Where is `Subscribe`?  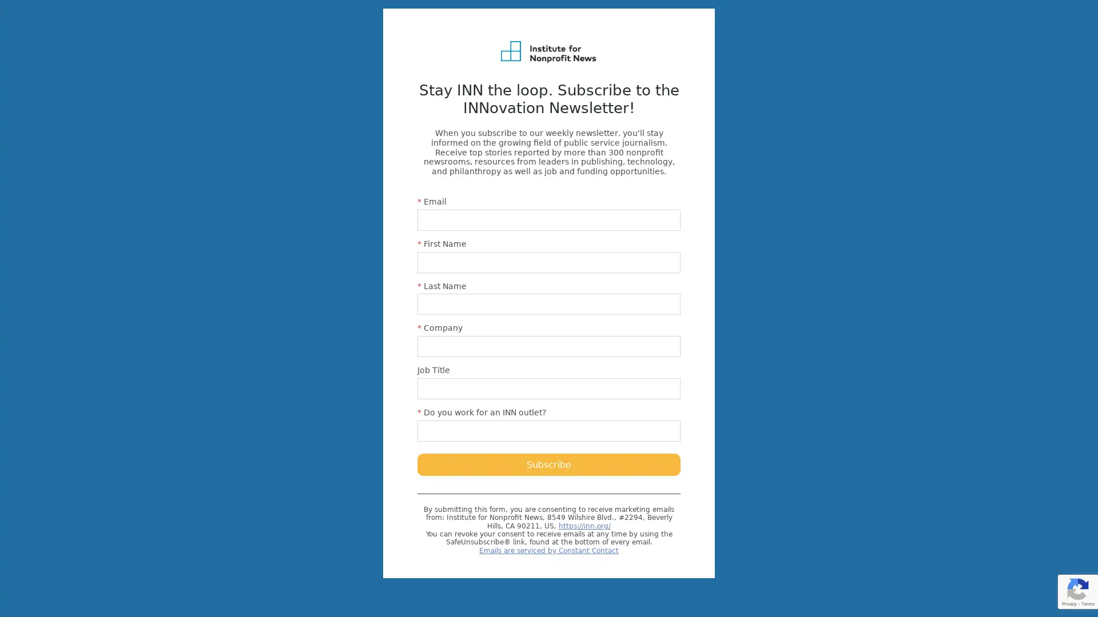 Subscribe is located at coordinates (549, 464).